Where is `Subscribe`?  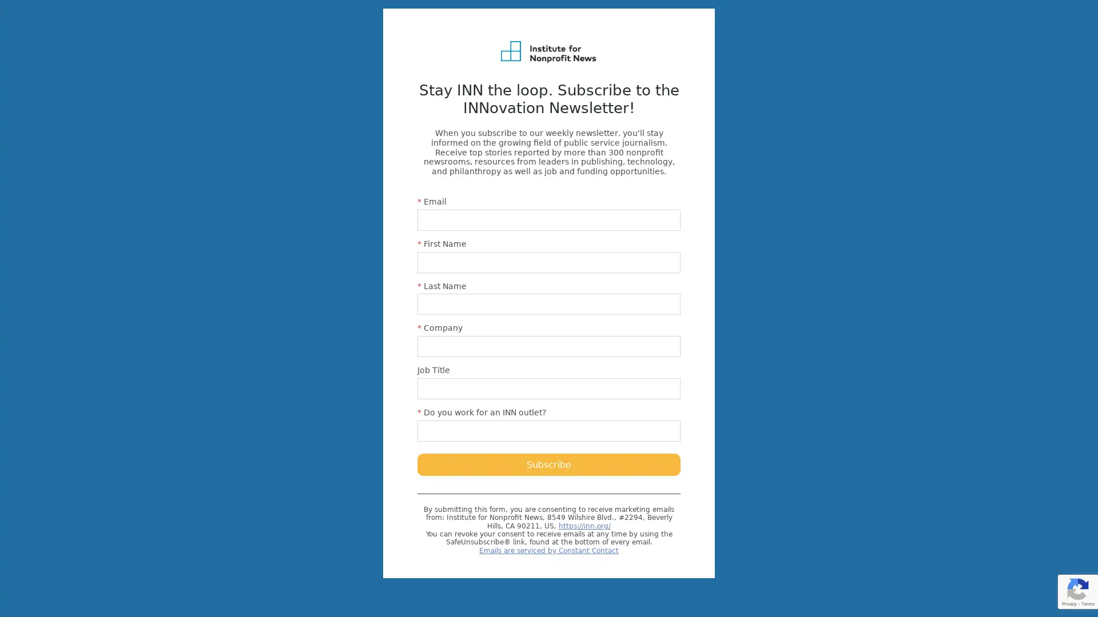 Subscribe is located at coordinates (549, 464).